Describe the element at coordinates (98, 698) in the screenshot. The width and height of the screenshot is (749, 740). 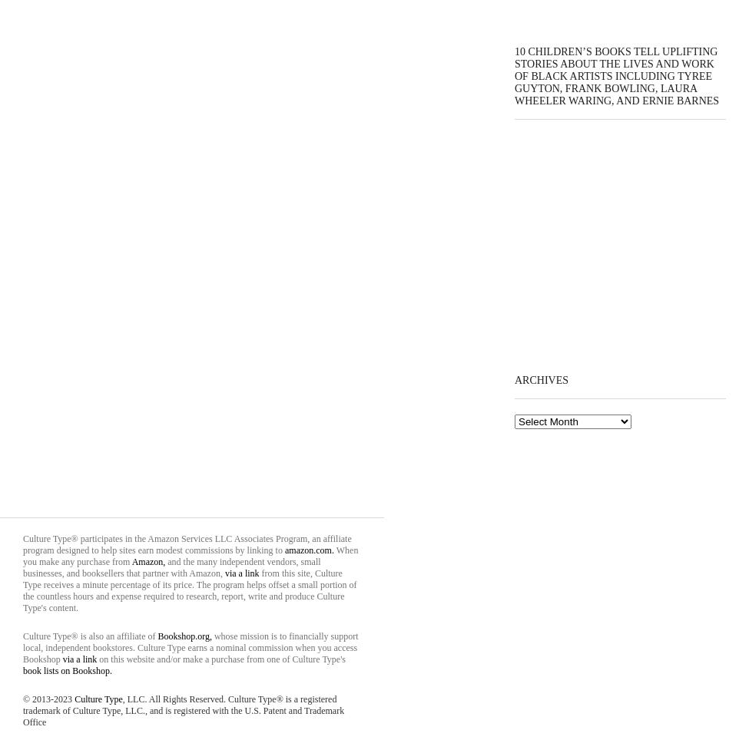
I see `'Culture Type'` at that location.